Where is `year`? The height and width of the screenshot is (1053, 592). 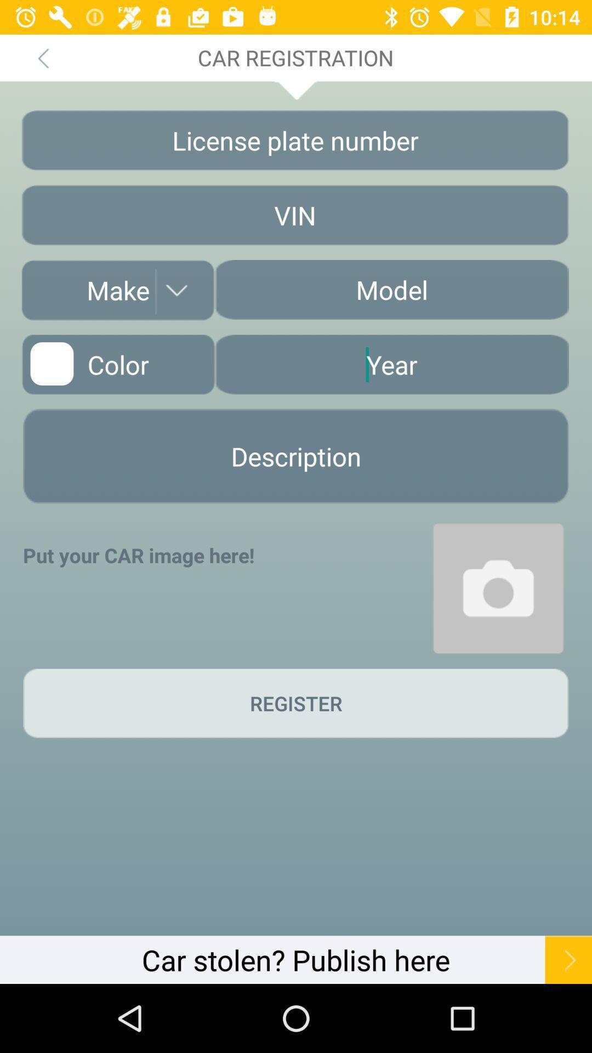 year is located at coordinates (391, 364).